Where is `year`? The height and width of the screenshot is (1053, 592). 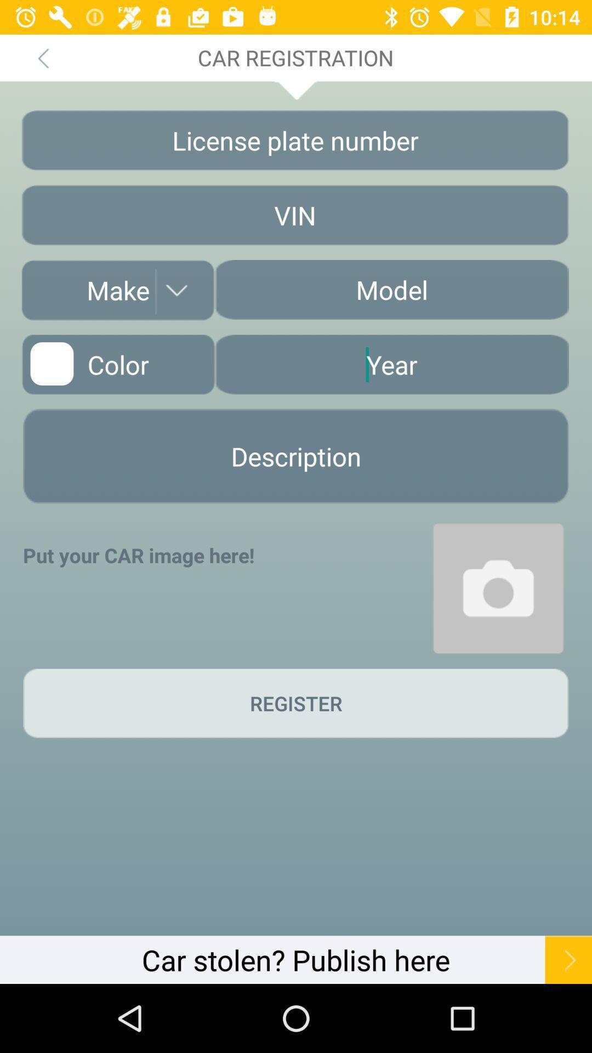 year is located at coordinates (391, 364).